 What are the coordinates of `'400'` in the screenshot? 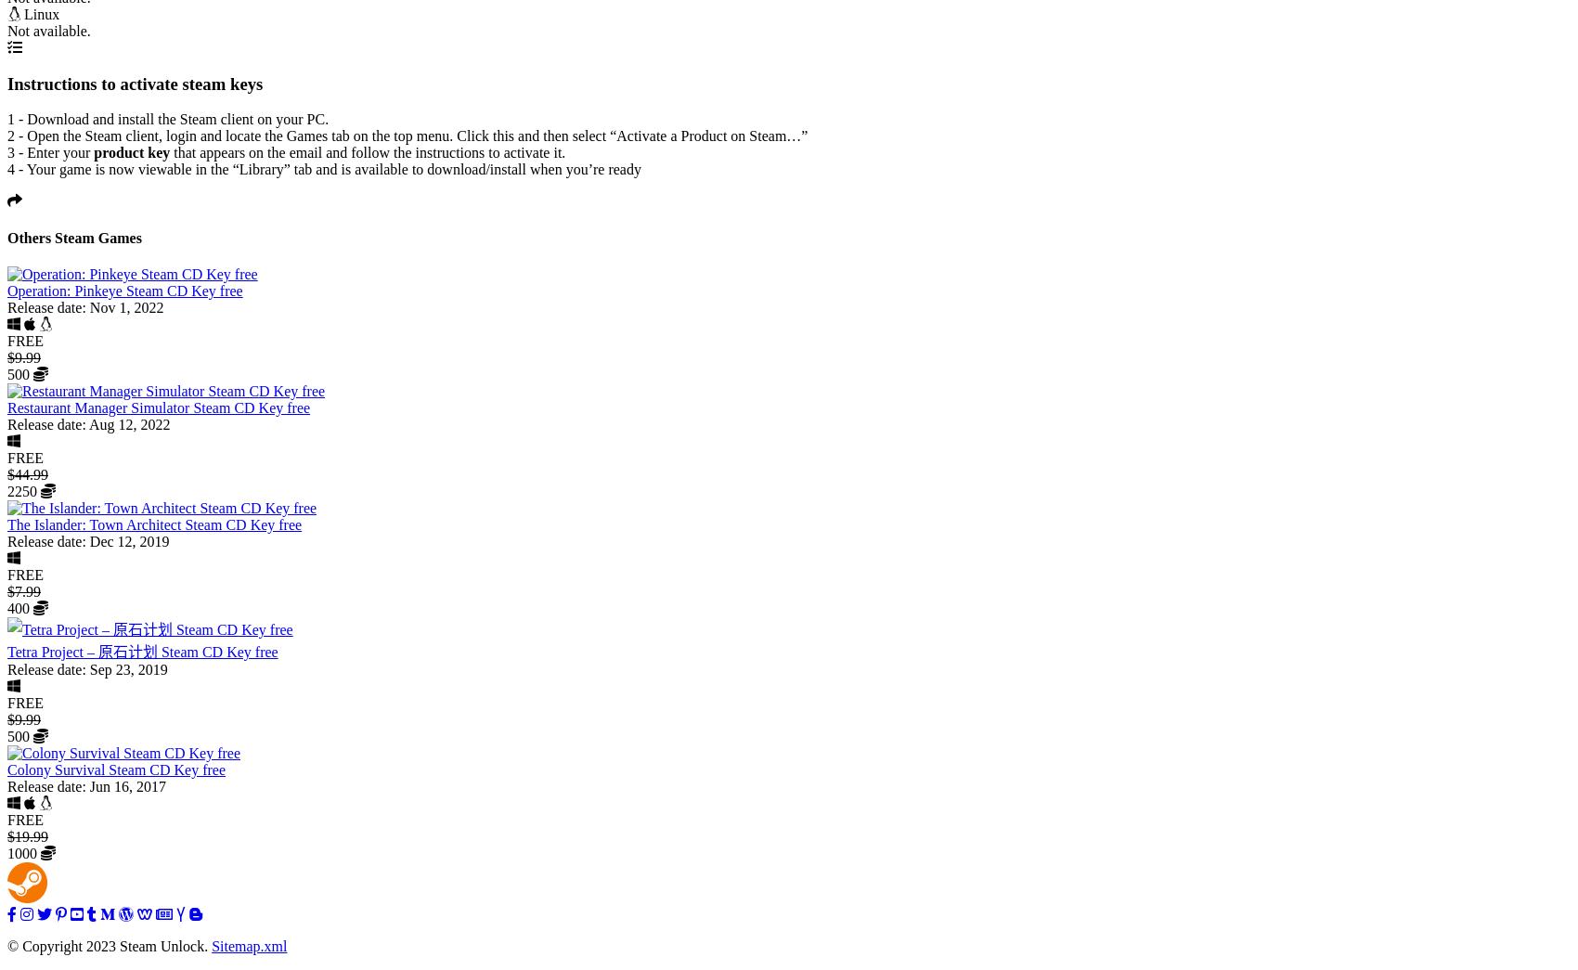 It's located at (19, 607).